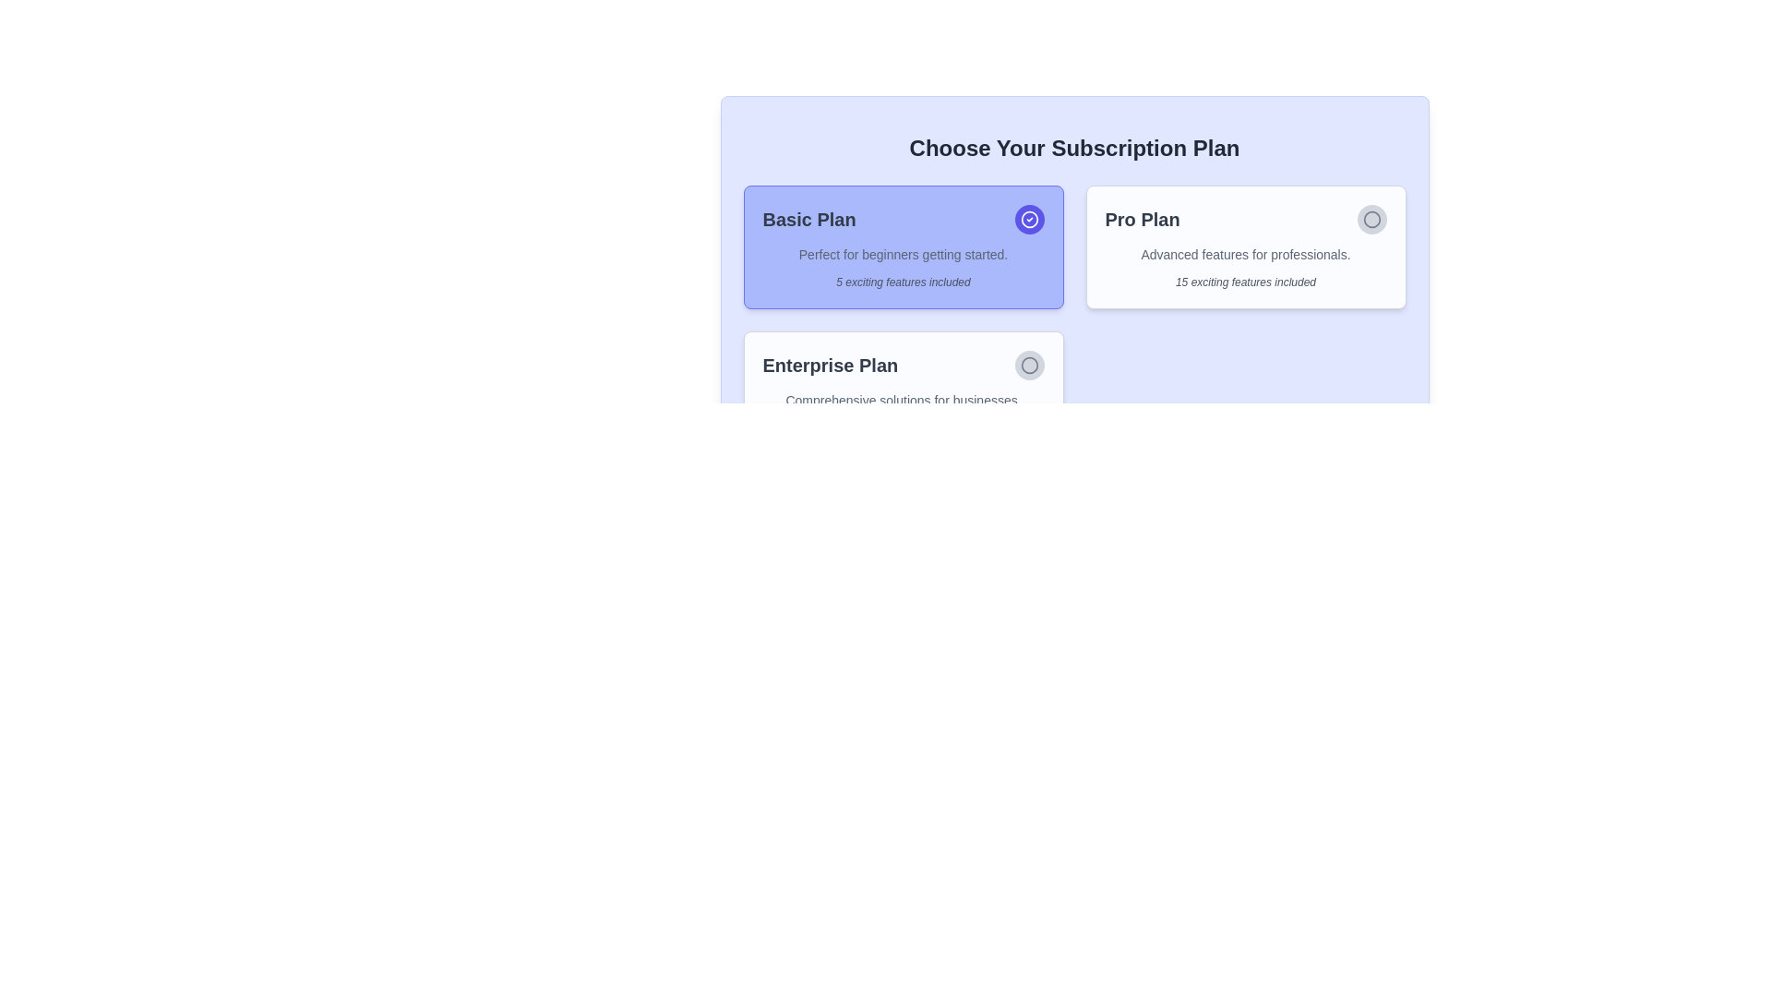 The image size is (1772, 997). I want to click on the status of the circular icon with a checkmark symbol in its center, styled in white on a purple background, located in the header section of the 'Basic Plan' card, positioned on the right side of the card title, so click(1028, 219).